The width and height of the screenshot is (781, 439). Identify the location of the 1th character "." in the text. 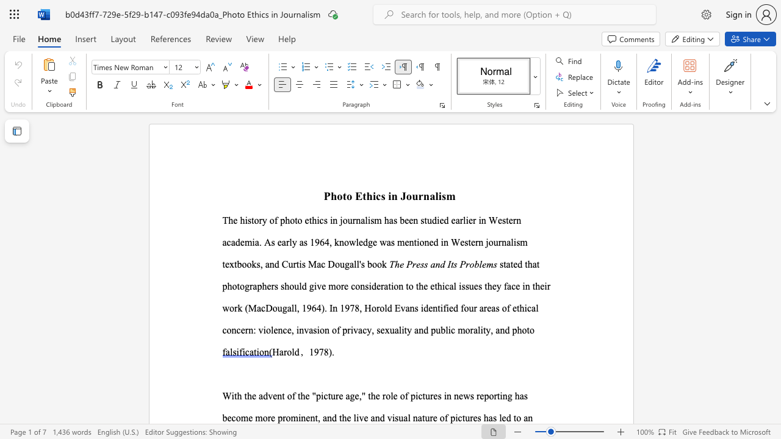
(333, 352).